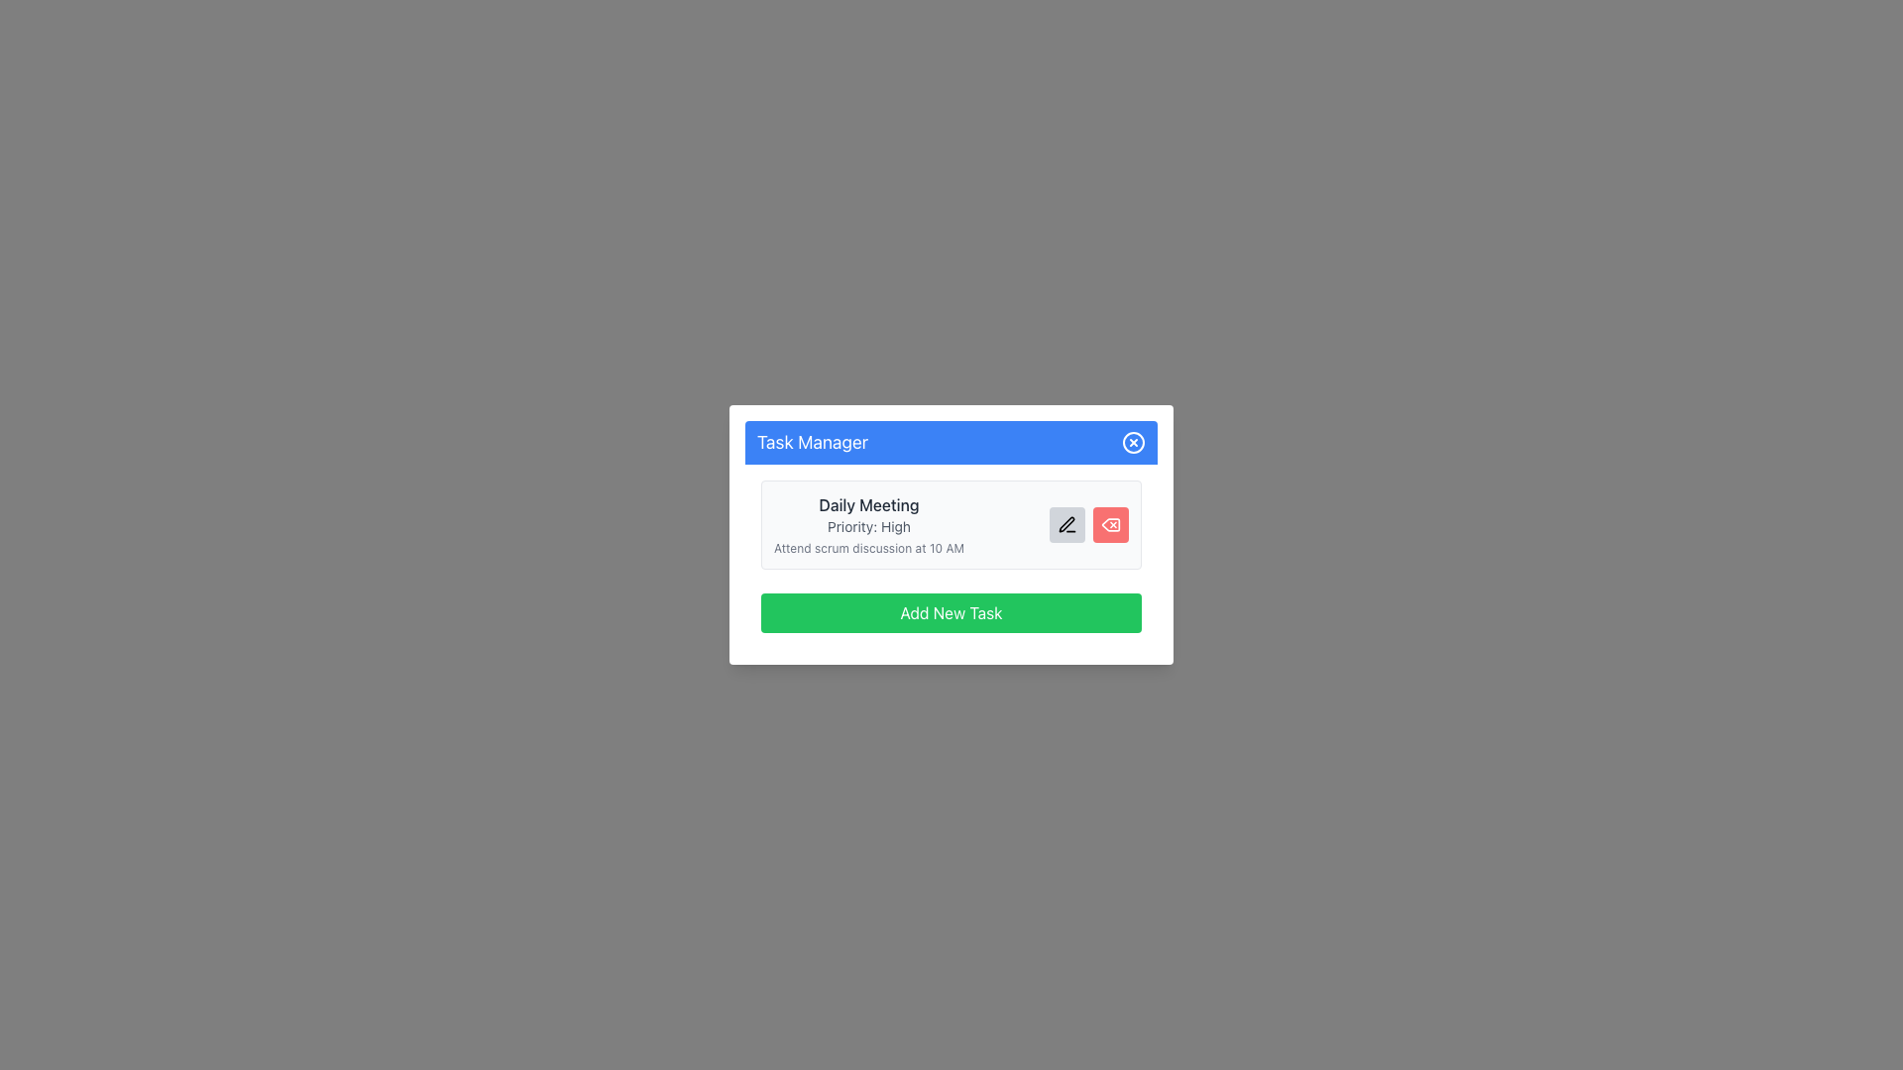 The width and height of the screenshot is (1903, 1070). What do you see at coordinates (1065, 523) in the screenshot?
I see `the editing icon within the button located on the left side of the adjacent eye icon button in the 'Task Manager' modal` at bounding box center [1065, 523].